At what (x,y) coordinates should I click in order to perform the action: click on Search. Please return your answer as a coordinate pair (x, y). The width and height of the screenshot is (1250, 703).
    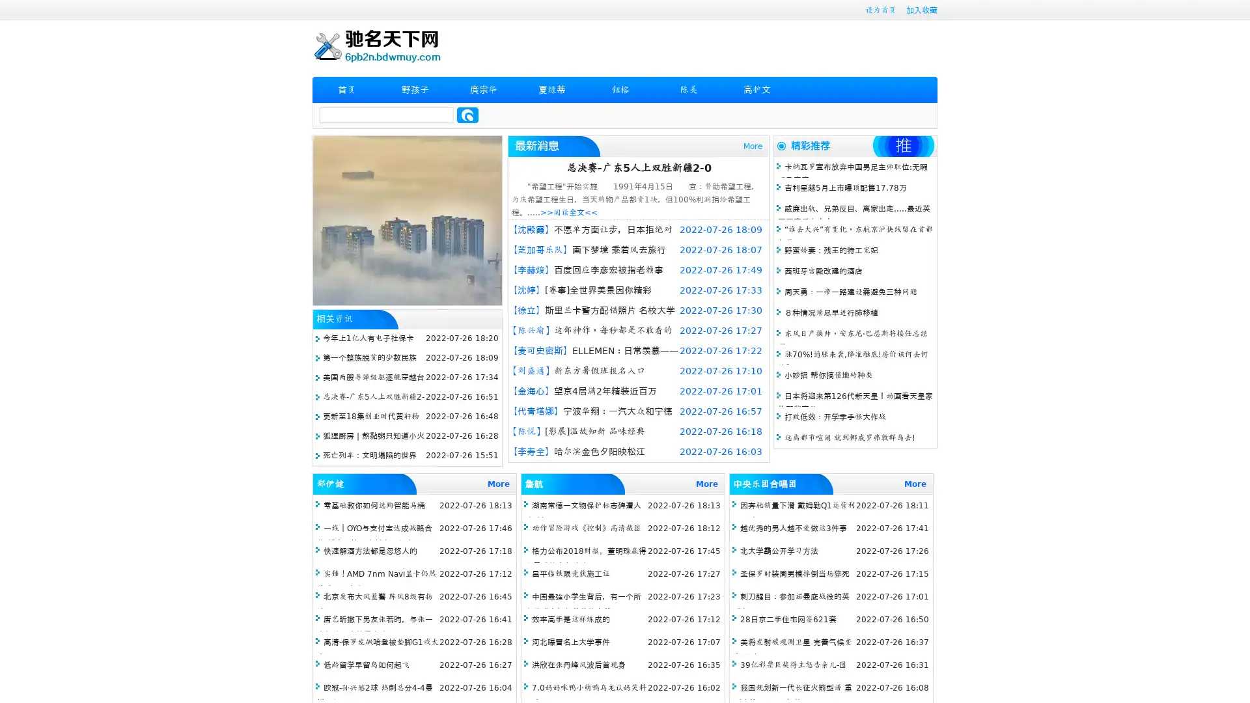
    Looking at the image, I should click on (467, 115).